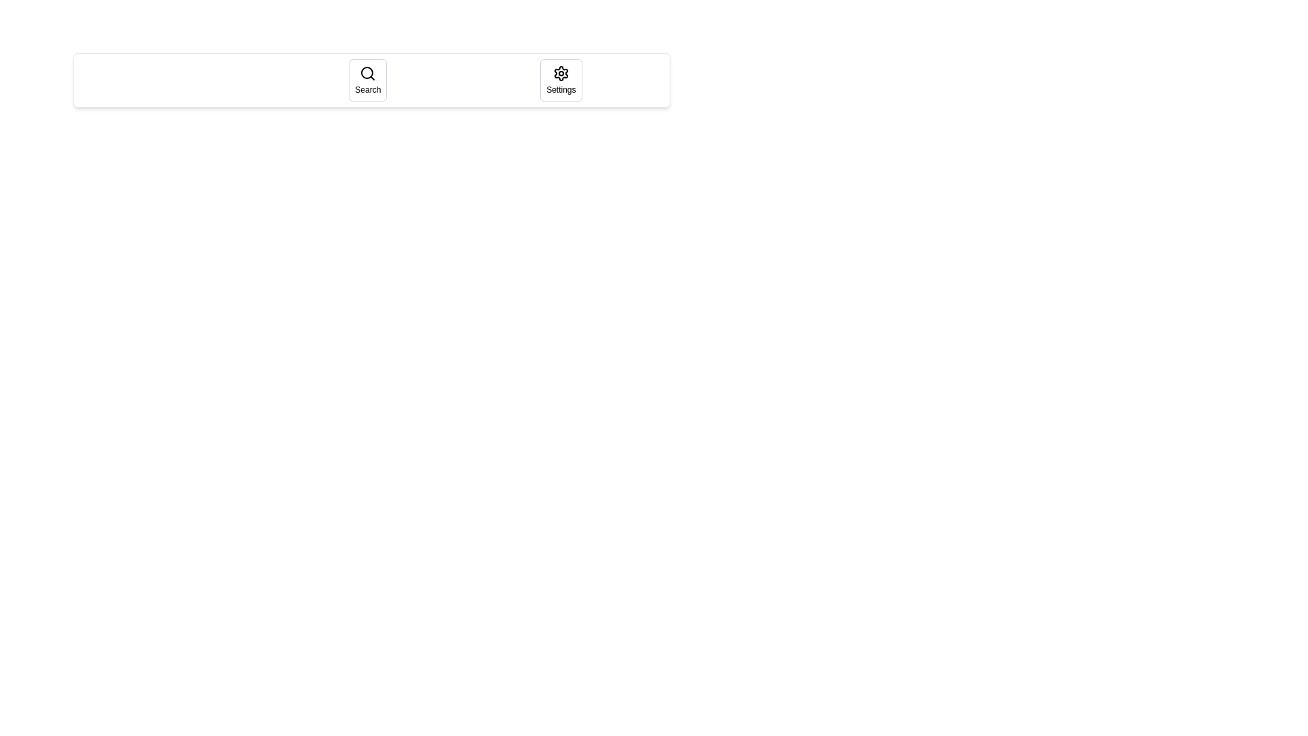  What do you see at coordinates (178, 80) in the screenshot?
I see `the 'Home' navigation button located in the centralized toolbar on the left, which is the first of three buttons` at bounding box center [178, 80].